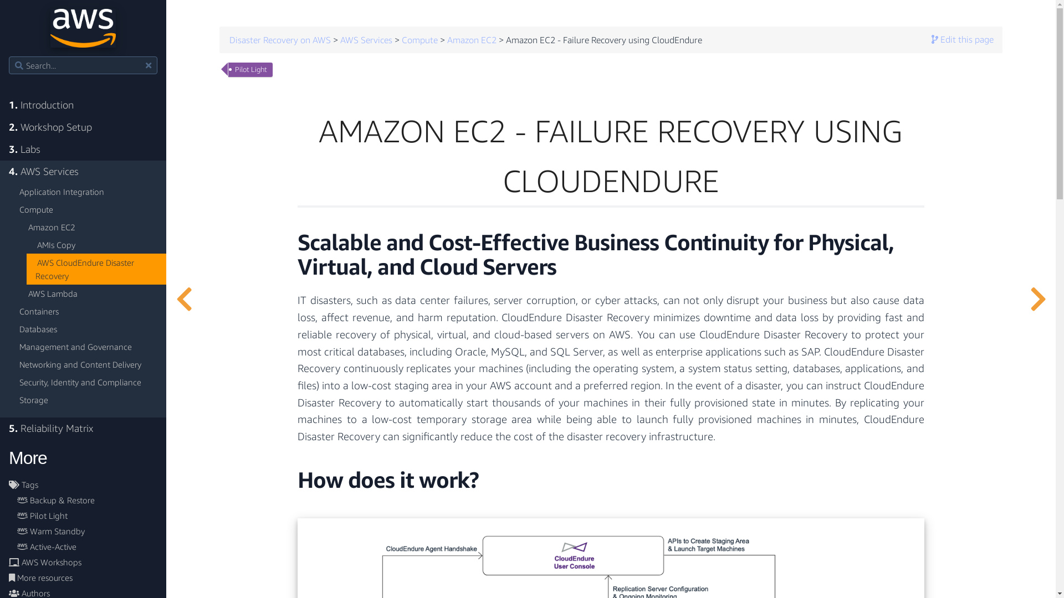 This screenshot has width=1064, height=598. What do you see at coordinates (87, 399) in the screenshot?
I see `'Storage'` at bounding box center [87, 399].